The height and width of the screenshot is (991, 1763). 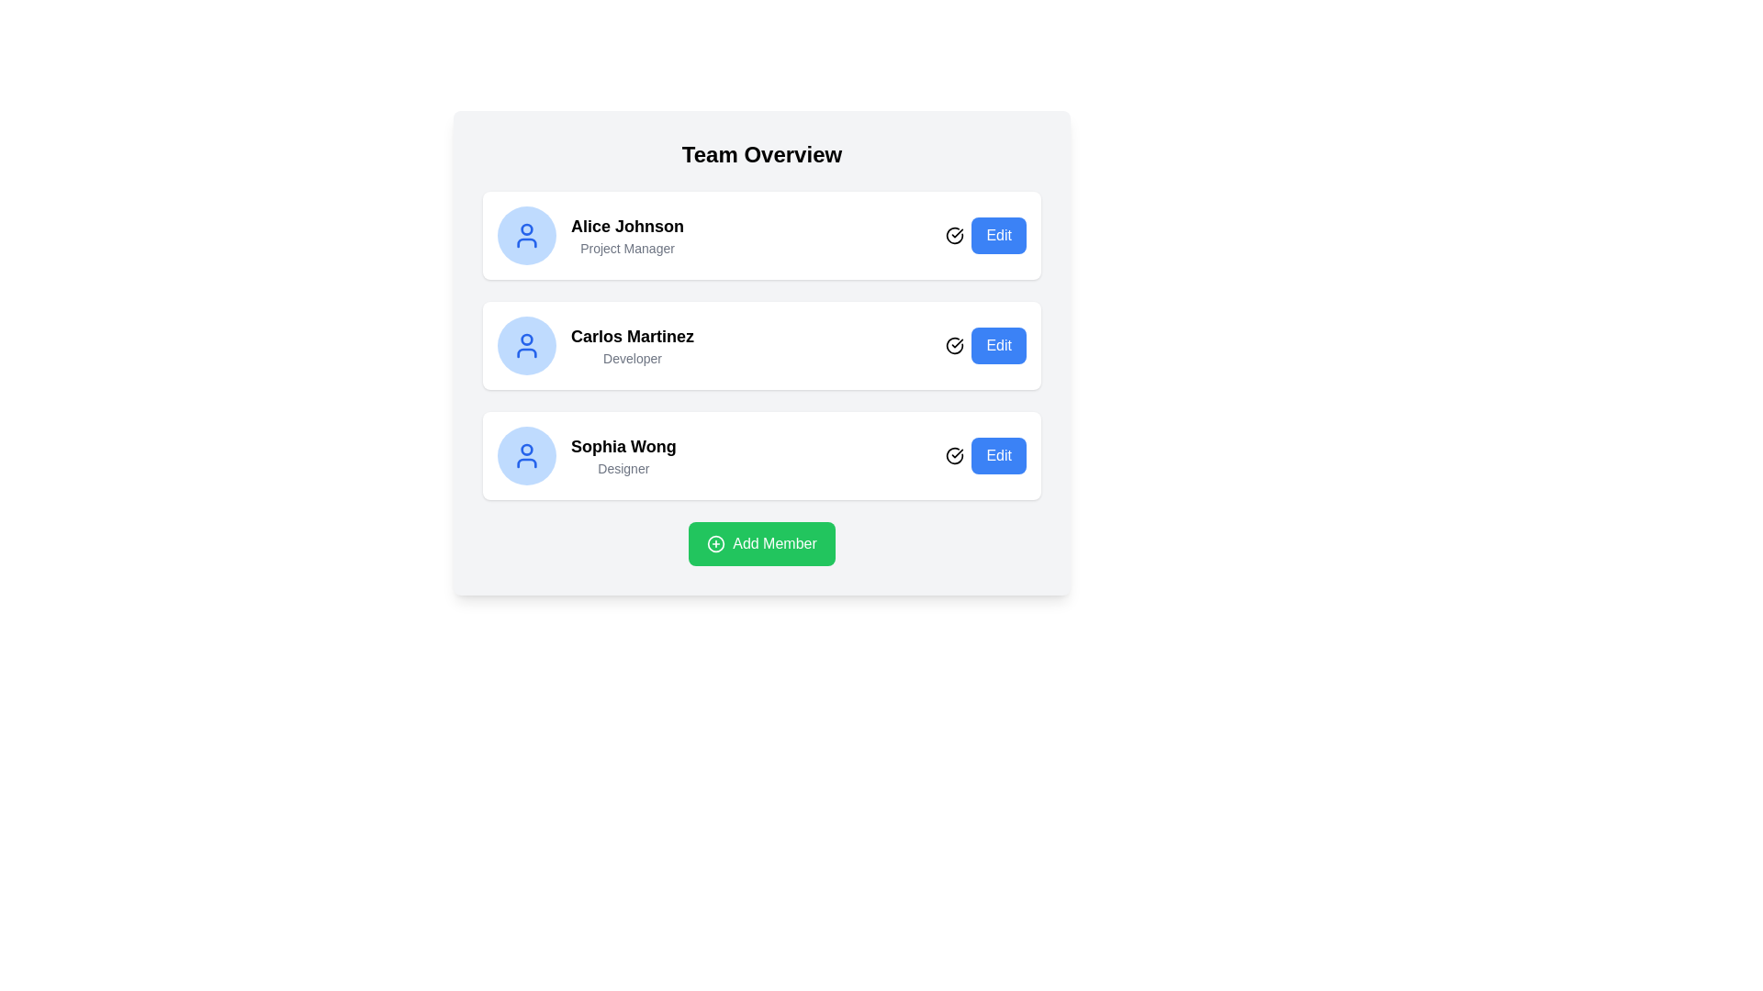 I want to click on the 'Edit' button with a blue background and white text, located to the right of 'Alice Johnson Project Manager', so click(x=998, y=235).